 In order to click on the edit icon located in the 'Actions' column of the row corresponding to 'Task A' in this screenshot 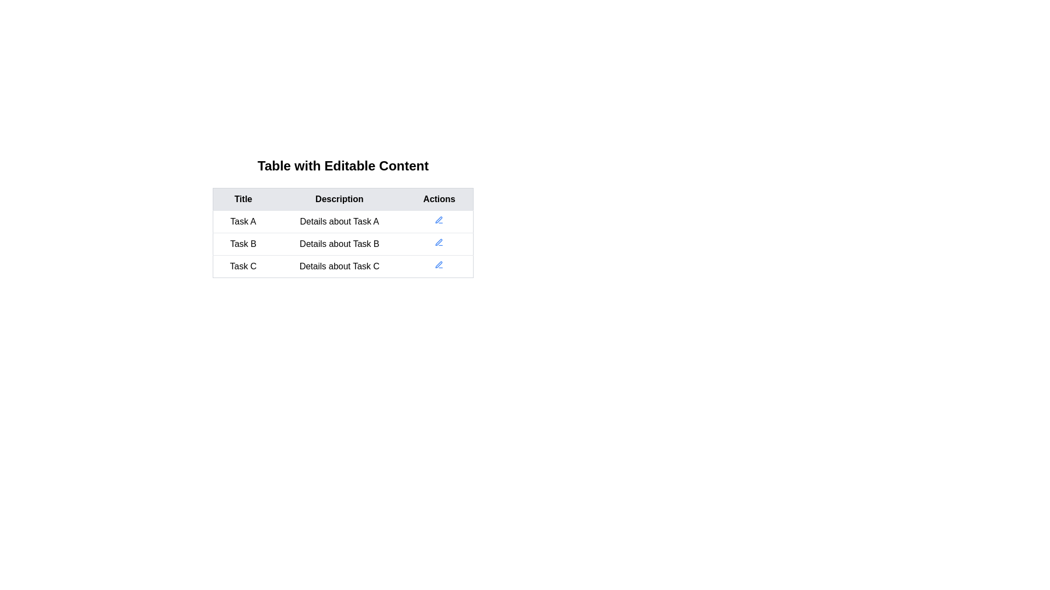, I will do `click(439, 221)`.